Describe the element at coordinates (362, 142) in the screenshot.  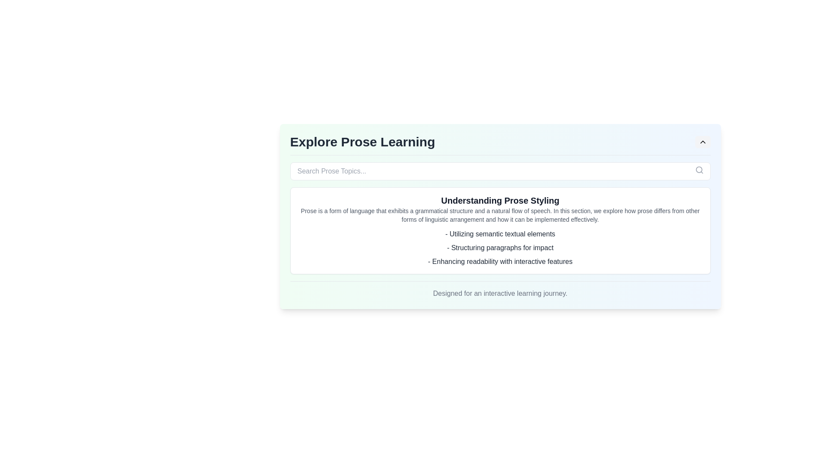
I see `the prominently displayed text 'Explore Prose Learning' which is large, bold, and positioned at the top left of the section` at that location.